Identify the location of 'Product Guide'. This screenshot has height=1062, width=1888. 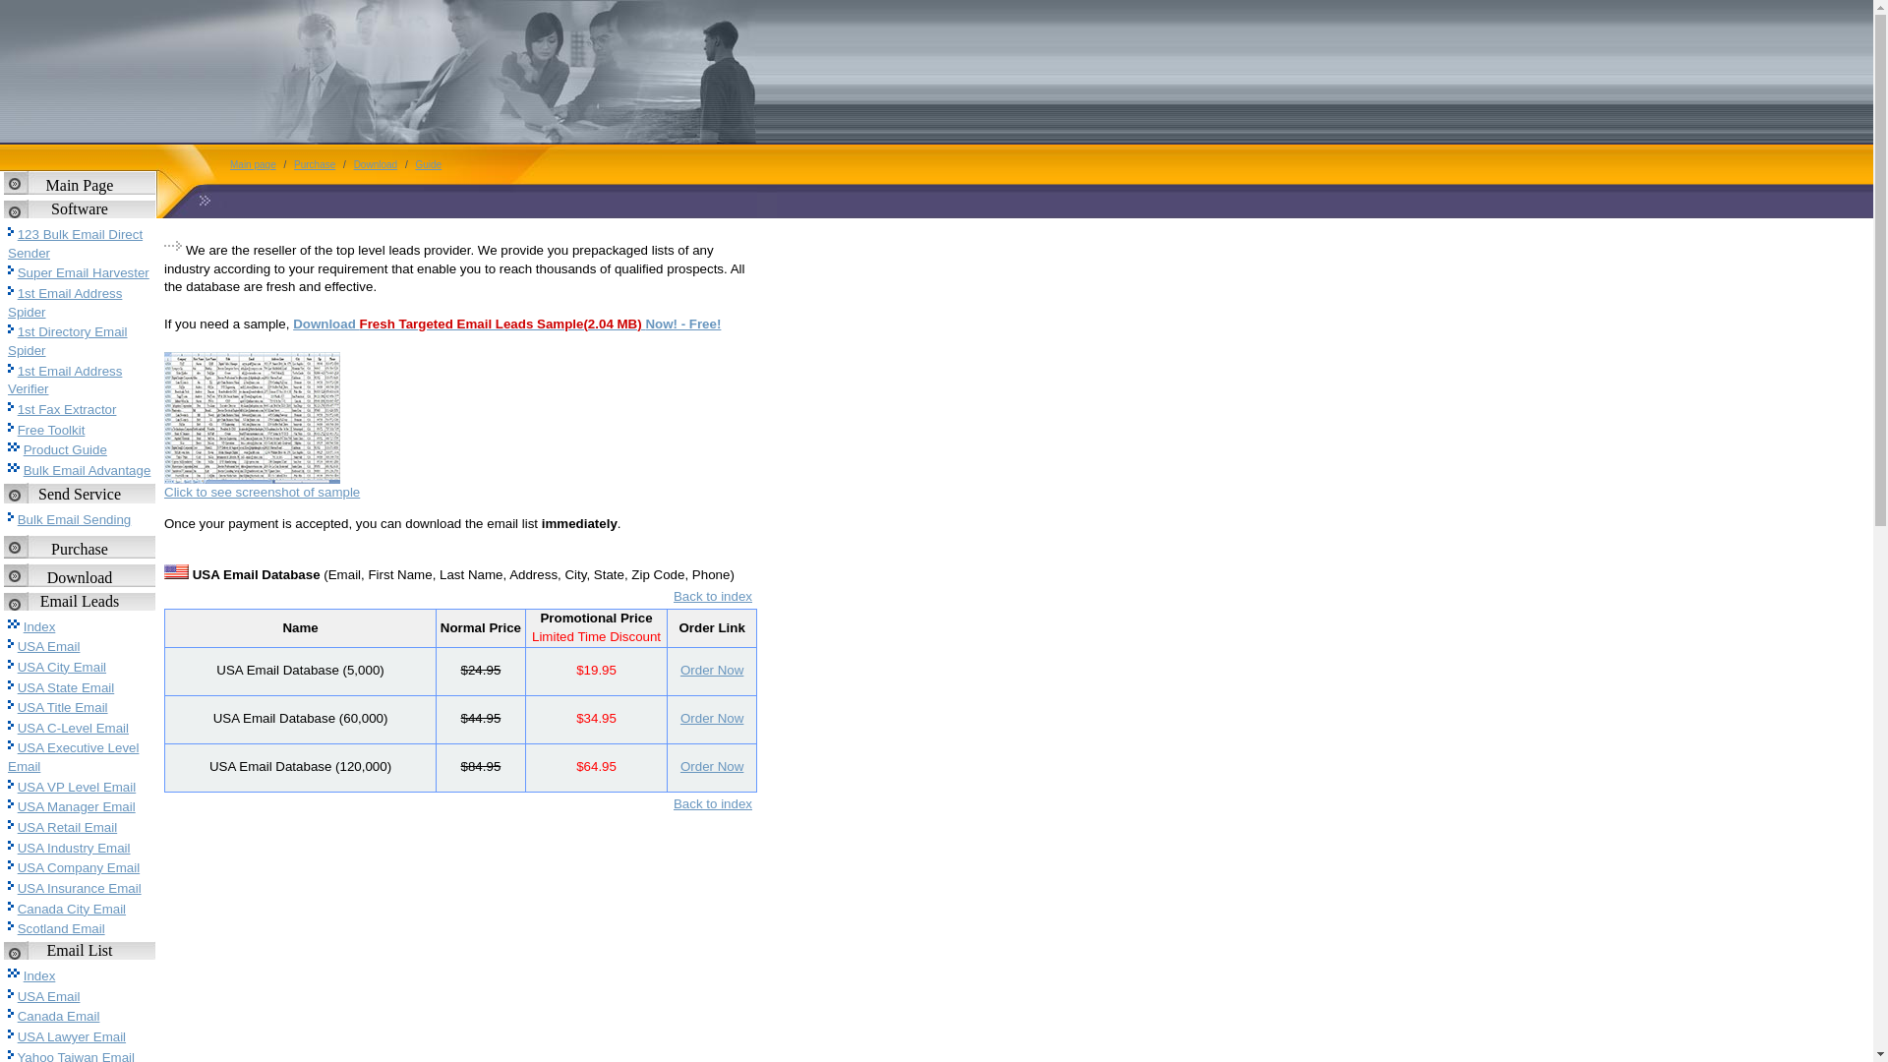
(65, 449).